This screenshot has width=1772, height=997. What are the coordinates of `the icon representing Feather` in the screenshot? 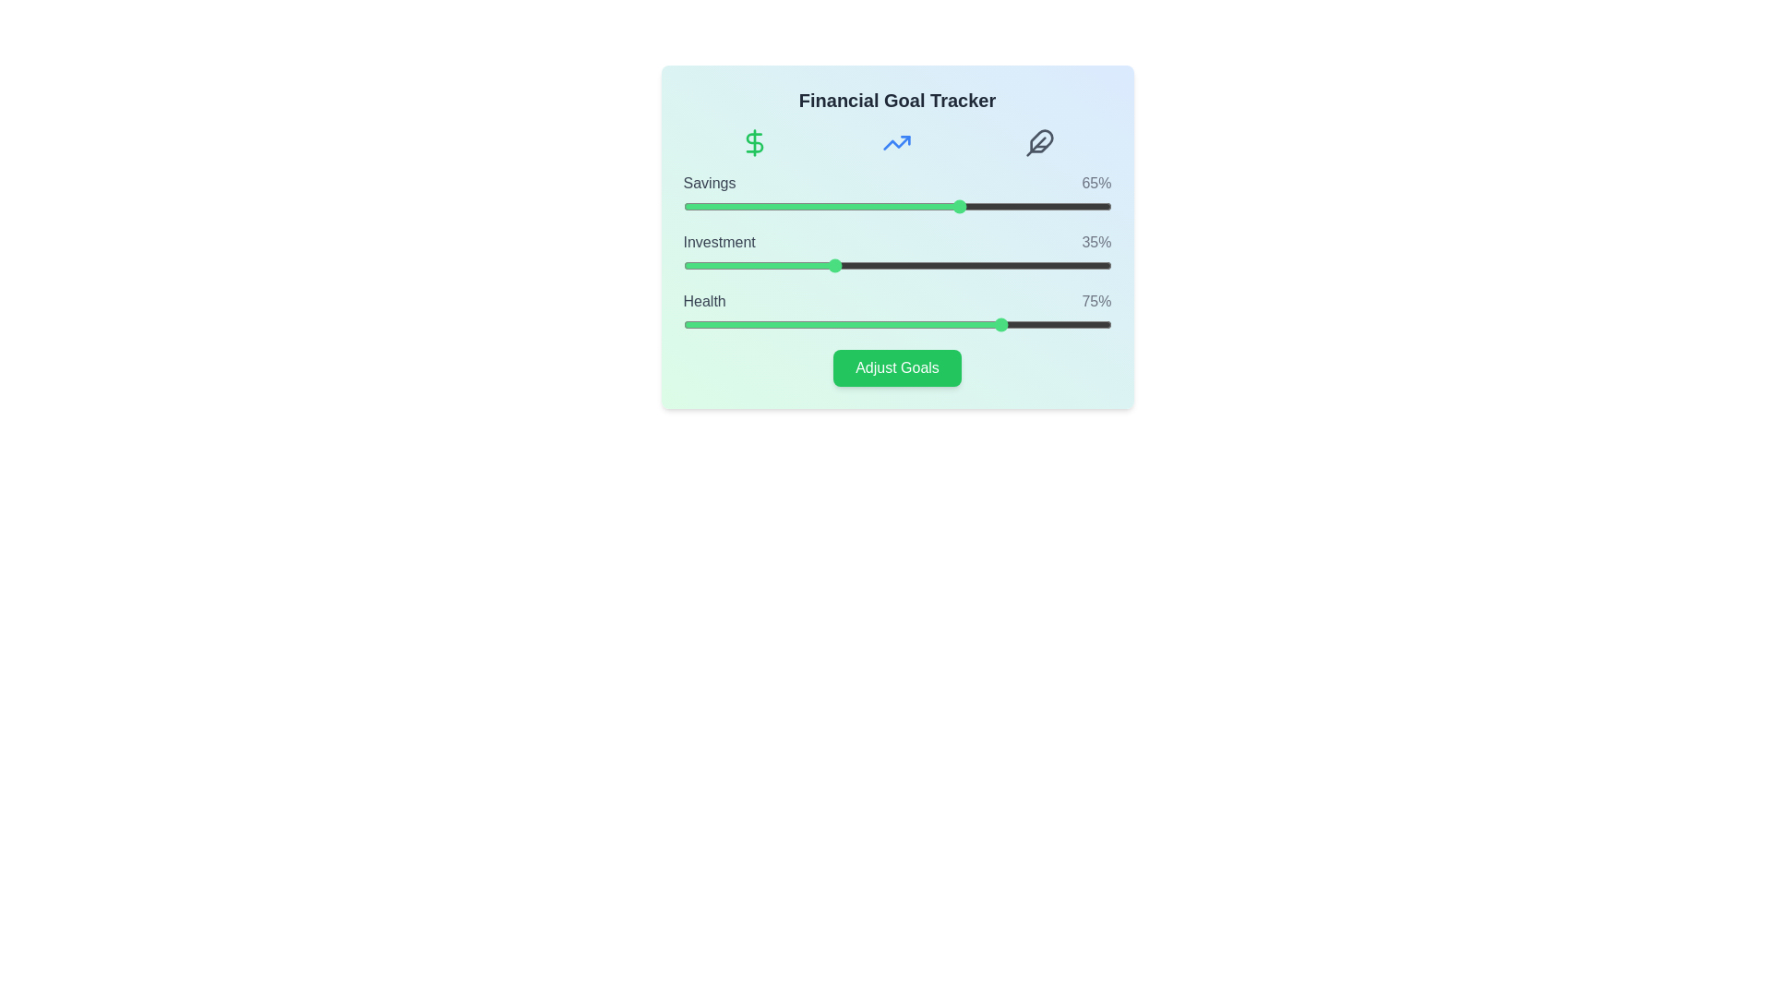 It's located at (1040, 141).